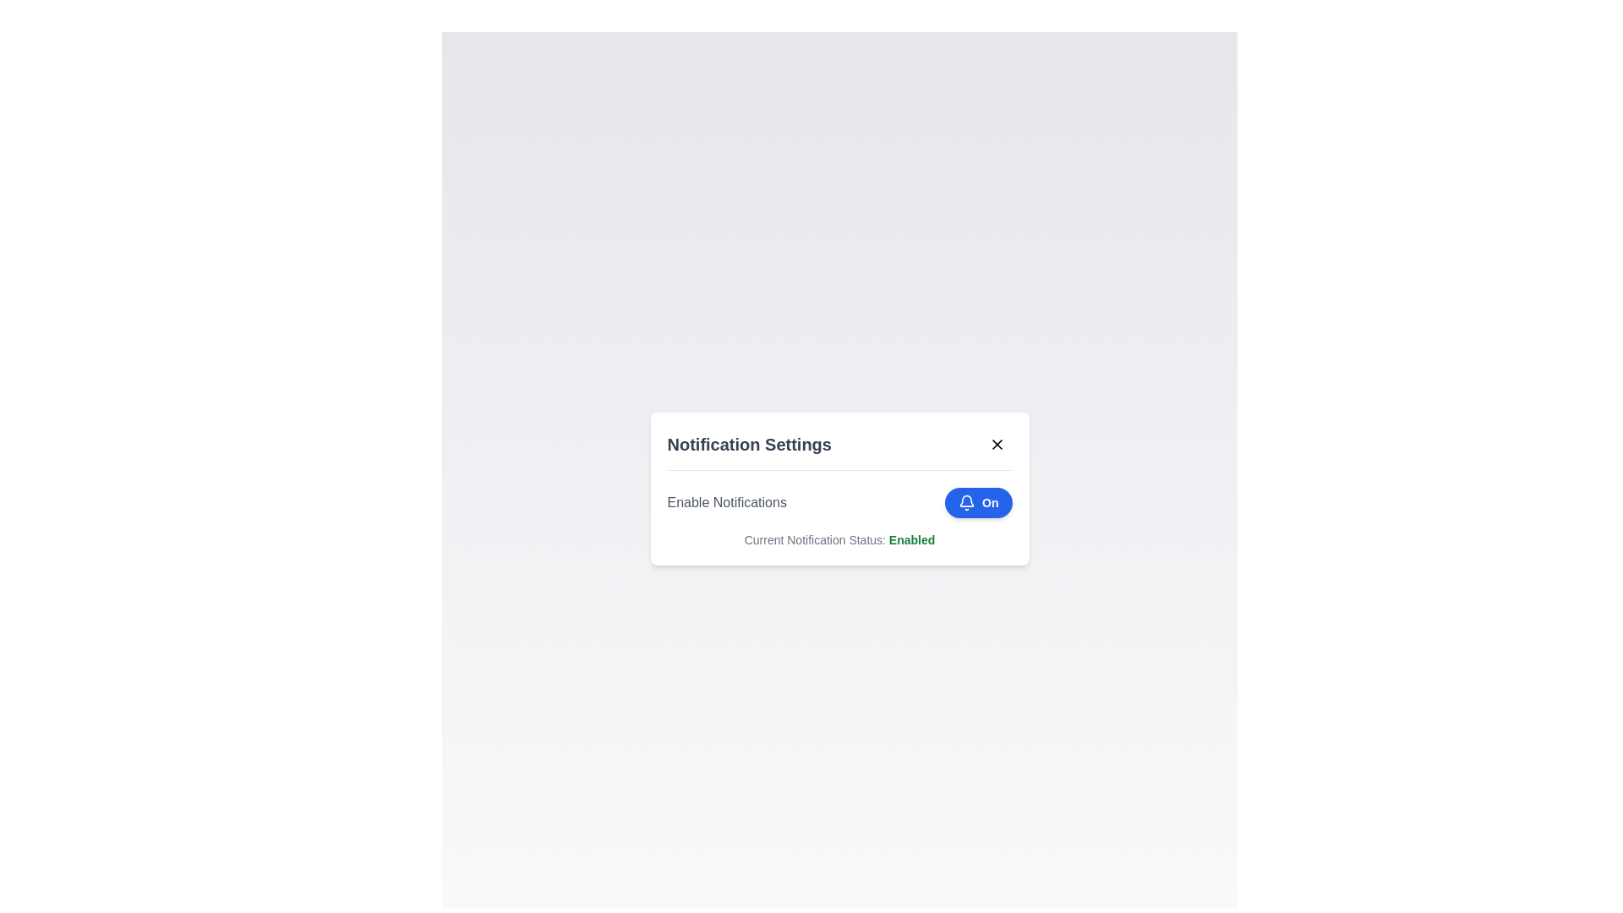 This screenshot has width=1623, height=913. I want to click on the text label 'Current Notification Status: Enabled', so click(839, 539).